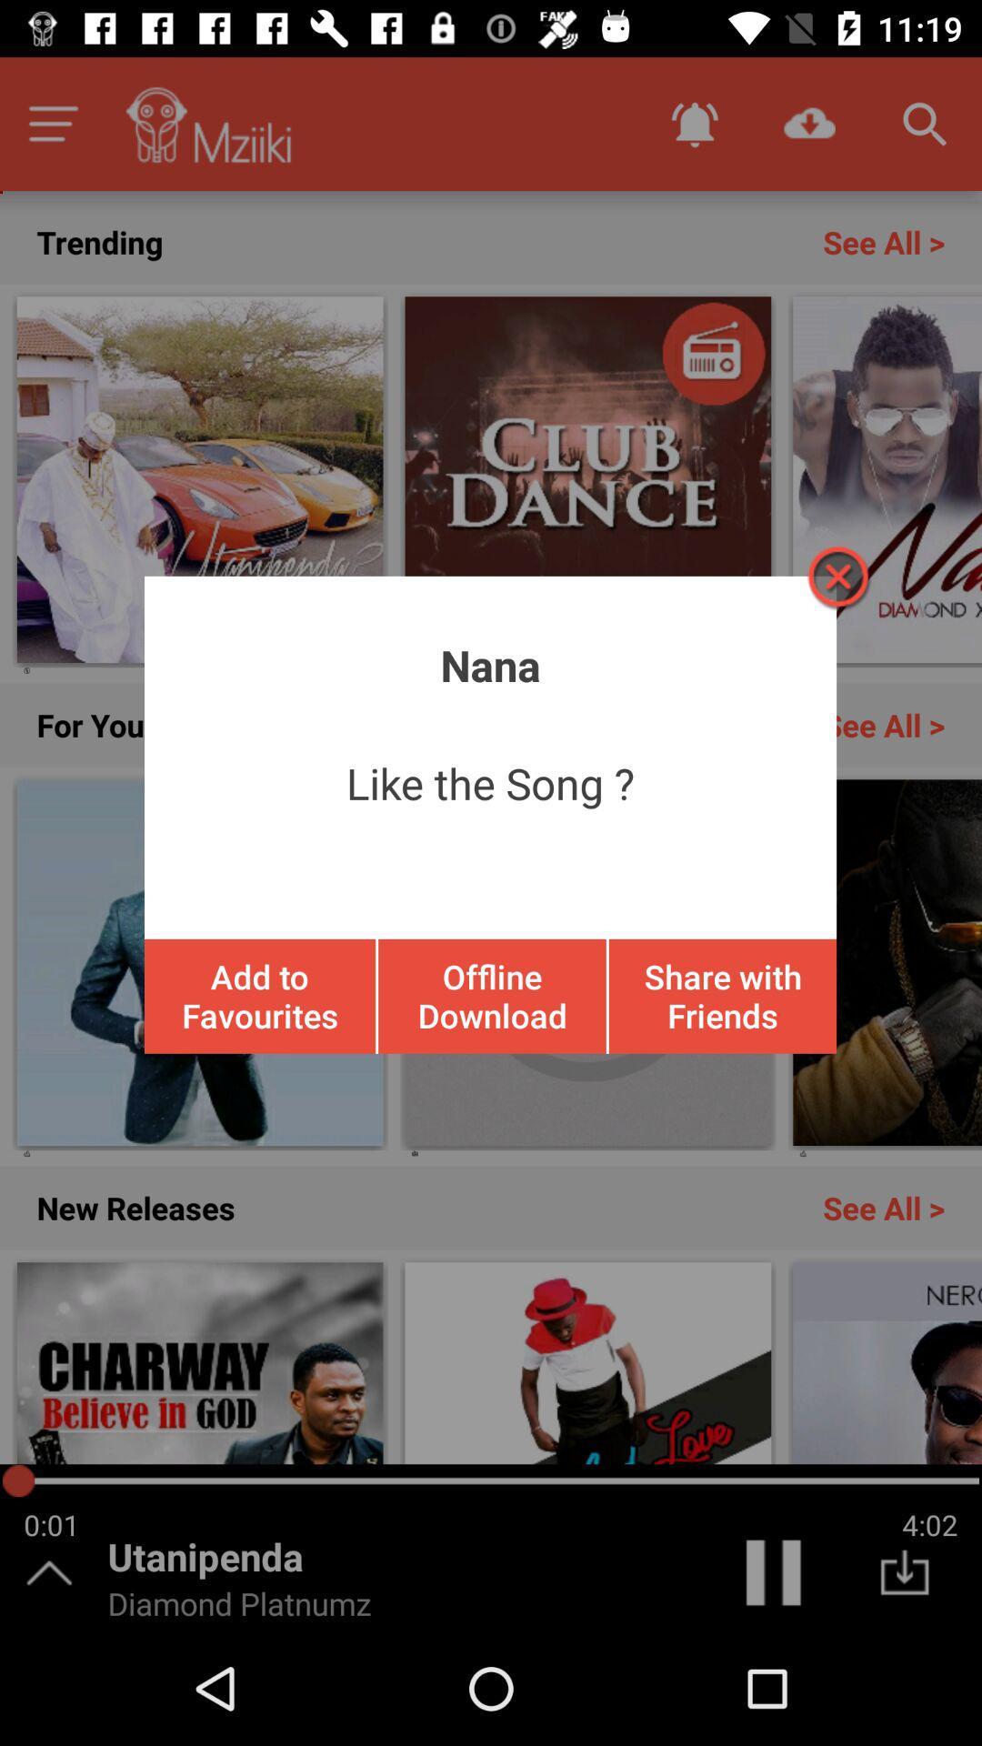 The width and height of the screenshot is (982, 1746). I want to click on offline download, so click(492, 995).